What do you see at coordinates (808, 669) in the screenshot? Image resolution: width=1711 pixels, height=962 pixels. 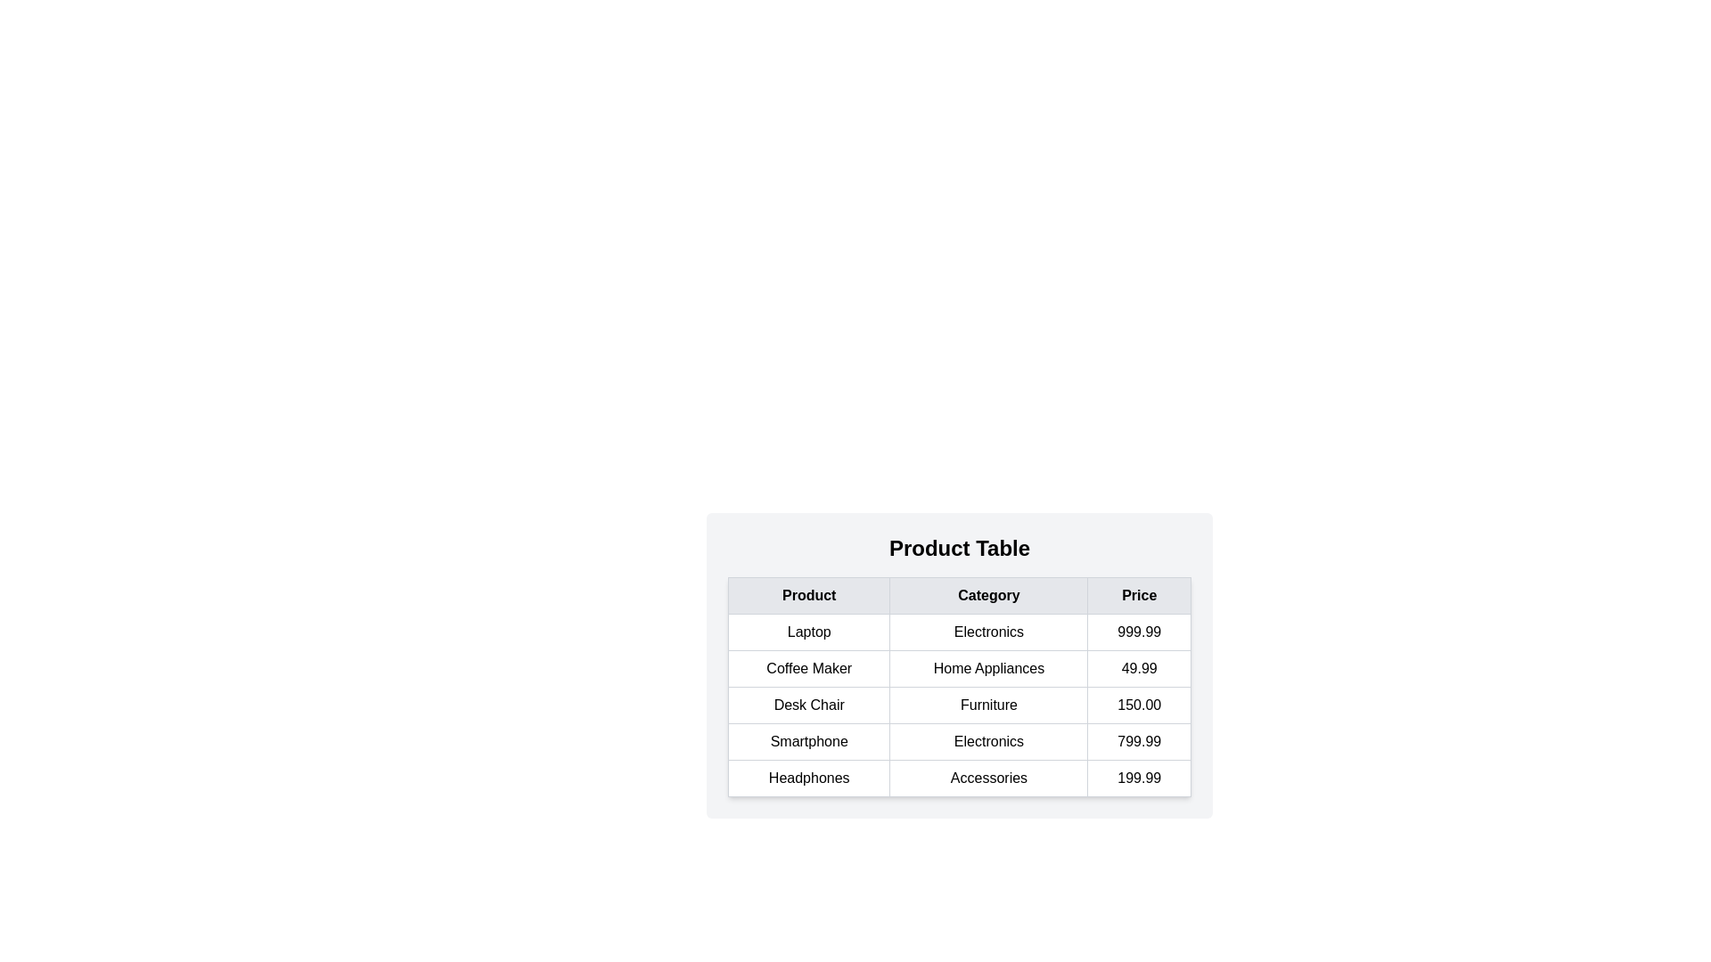 I see `the 'Coffee Maker' text label located in the 'Product' column of the second row, which has a standard black font and is styled with padding and a border` at bounding box center [808, 669].